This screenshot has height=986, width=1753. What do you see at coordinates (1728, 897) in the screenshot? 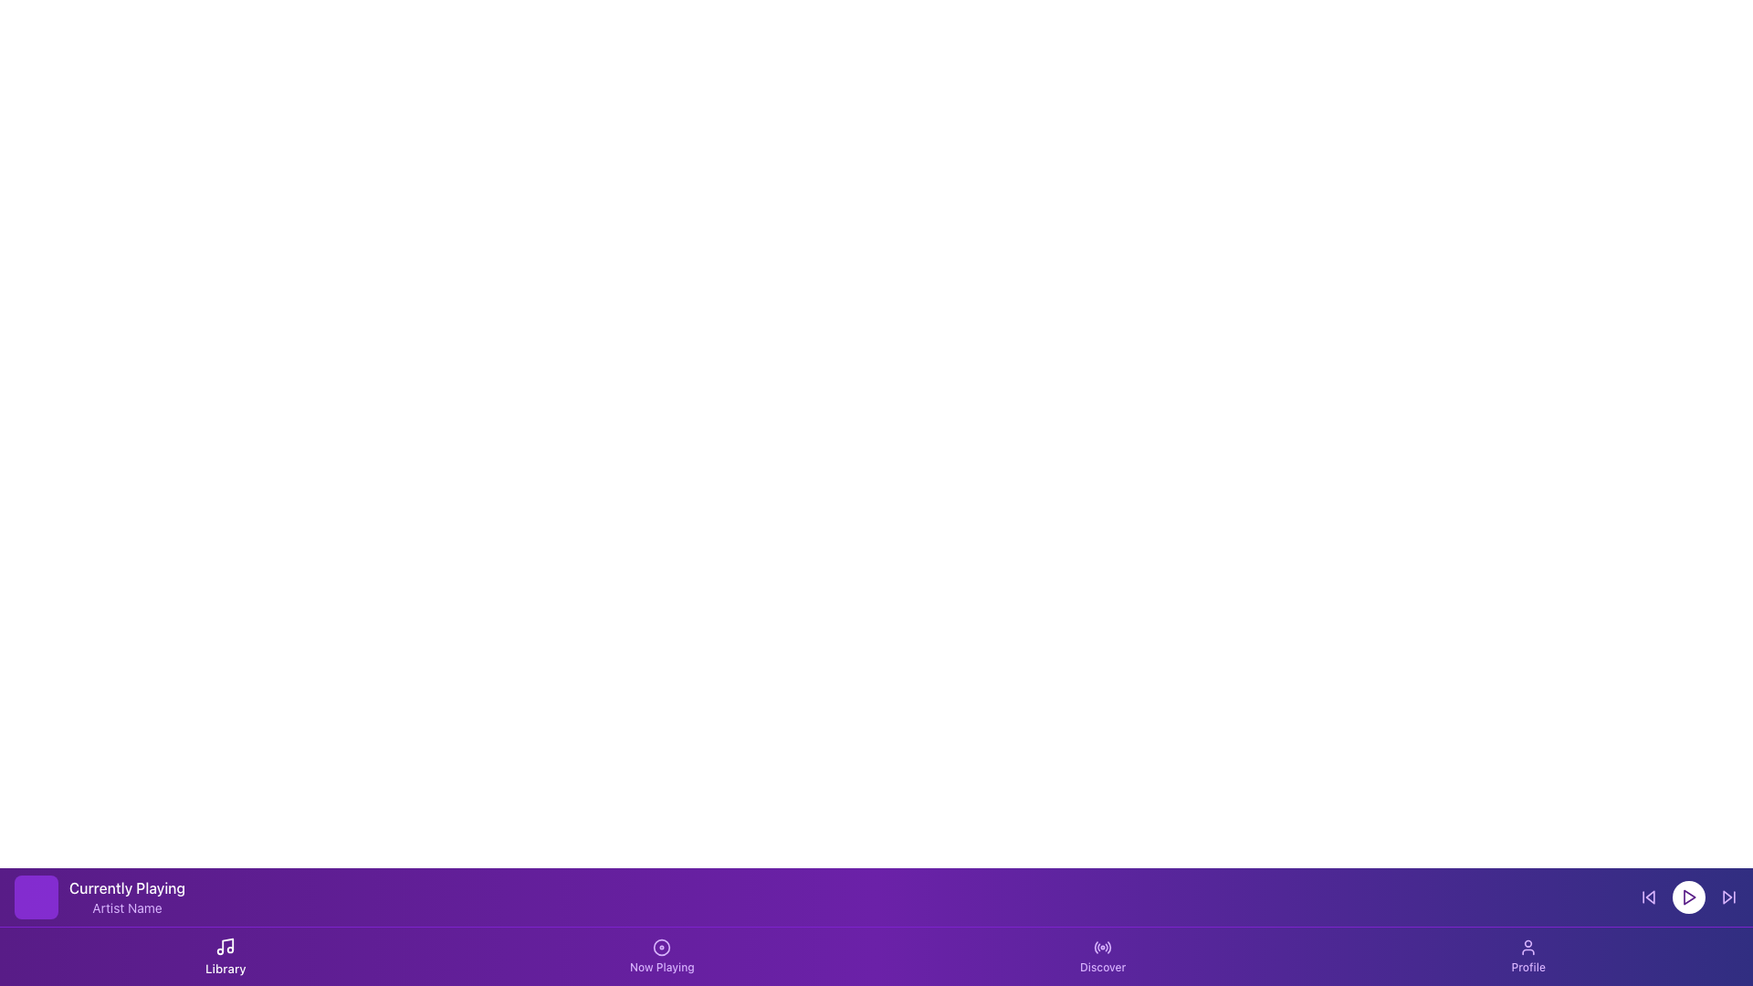
I see `the skip-forward button located on the far right of the bottom navigation bar` at bounding box center [1728, 897].